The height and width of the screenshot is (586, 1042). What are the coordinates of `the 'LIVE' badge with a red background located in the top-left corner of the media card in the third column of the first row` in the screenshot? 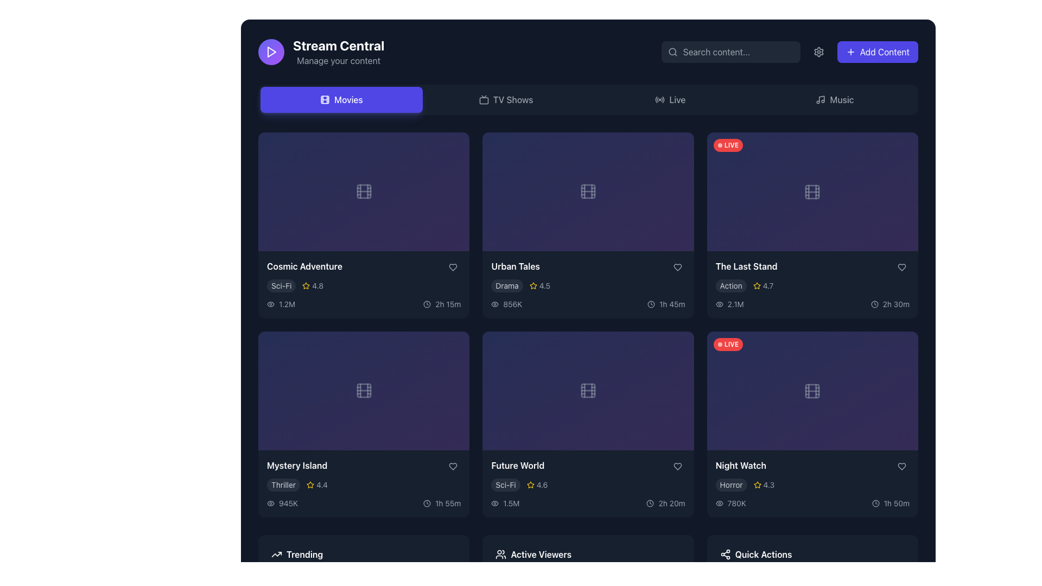 It's located at (728, 144).